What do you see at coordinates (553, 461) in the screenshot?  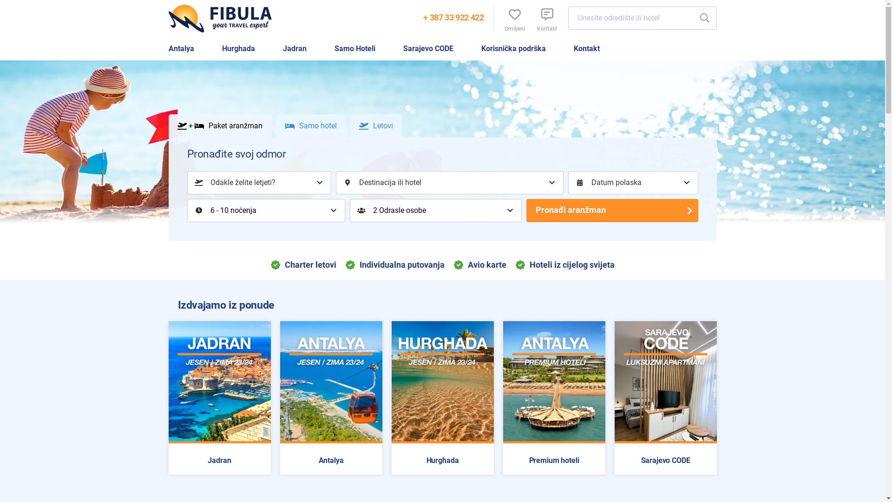 I see `'Premium hoteli'` at bounding box center [553, 461].